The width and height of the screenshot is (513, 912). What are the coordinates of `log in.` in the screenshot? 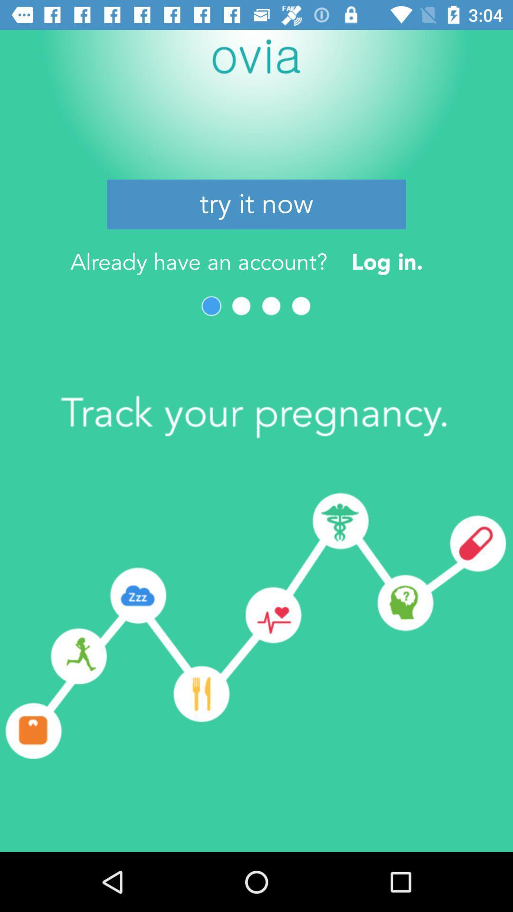 It's located at (387, 262).